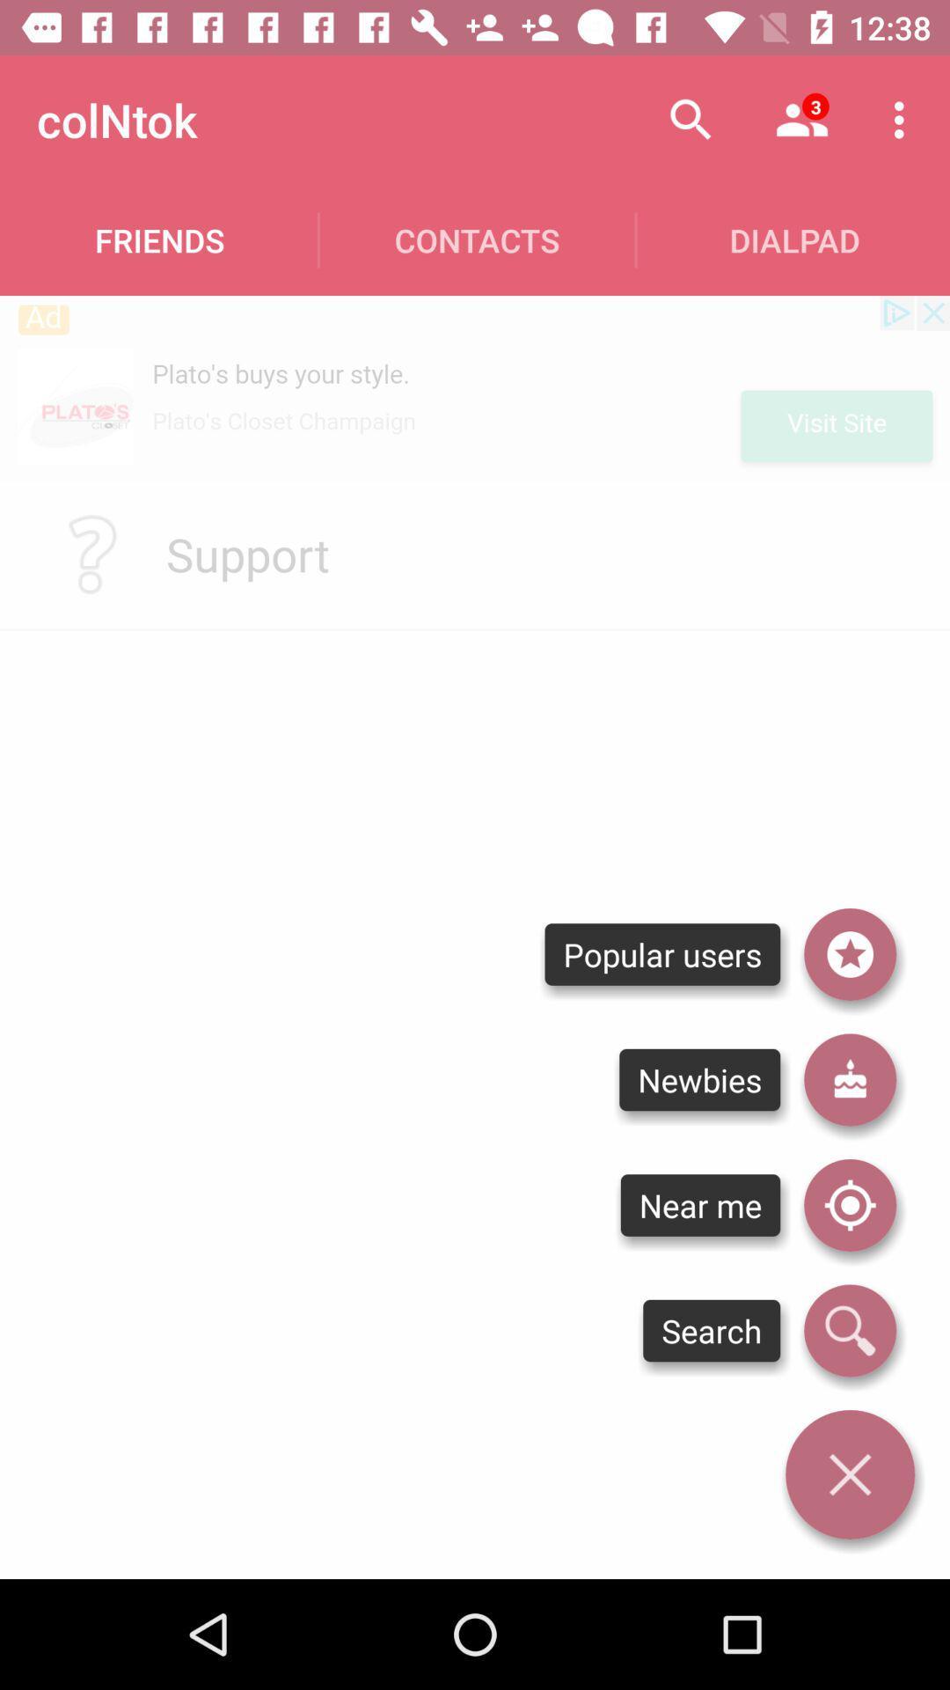  What do you see at coordinates (849, 1079) in the screenshot?
I see `the item next to the popular users item` at bounding box center [849, 1079].